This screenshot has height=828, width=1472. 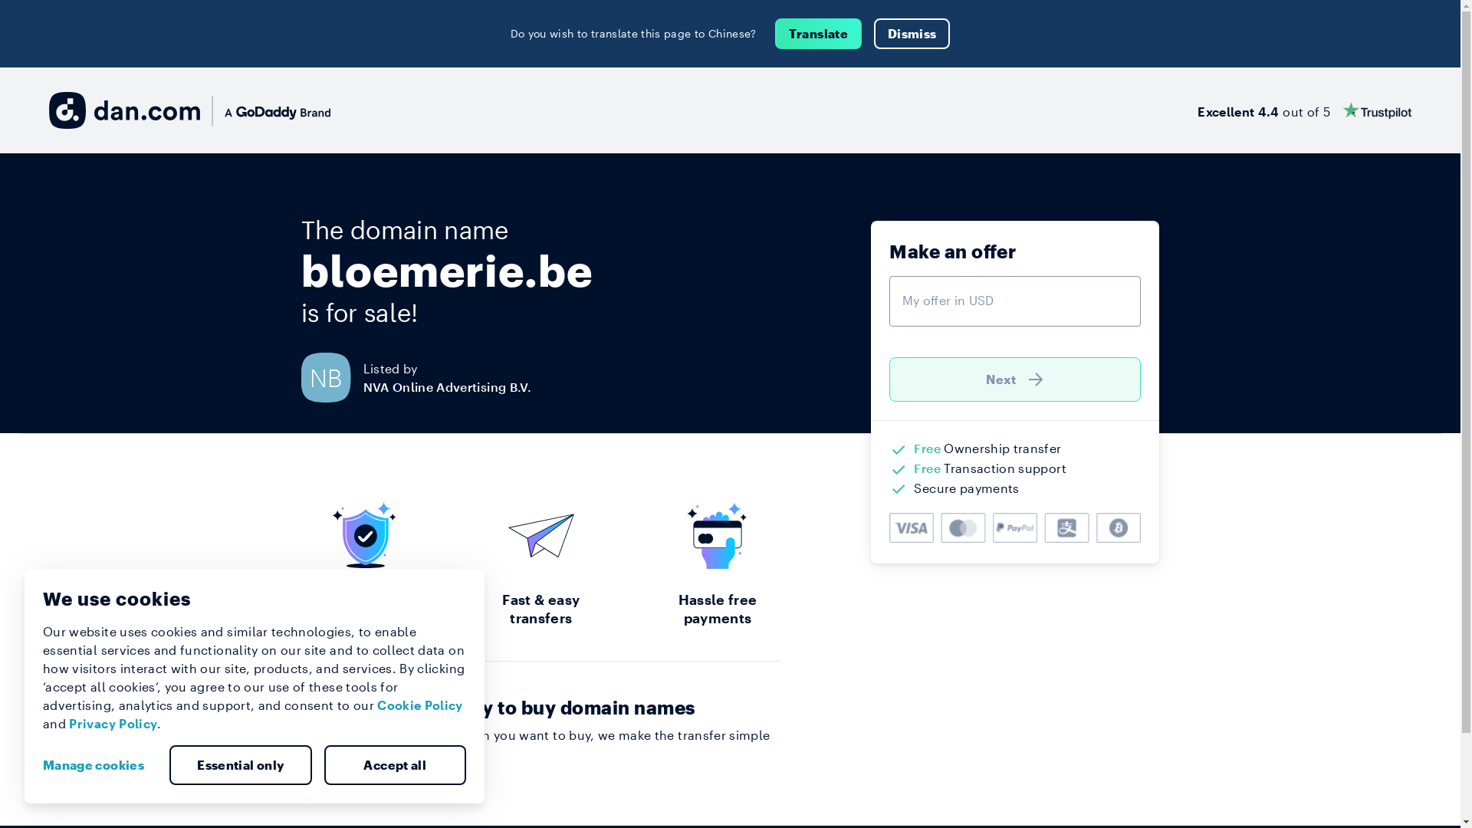 I want to click on 'Accept all', so click(x=323, y=765).